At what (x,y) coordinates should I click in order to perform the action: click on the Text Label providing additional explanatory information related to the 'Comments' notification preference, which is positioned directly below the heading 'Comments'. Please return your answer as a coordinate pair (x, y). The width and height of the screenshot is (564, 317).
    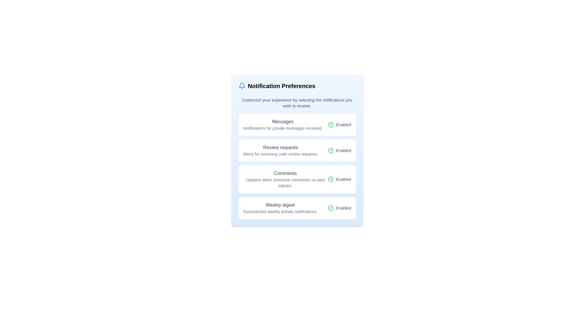
    Looking at the image, I should click on (285, 183).